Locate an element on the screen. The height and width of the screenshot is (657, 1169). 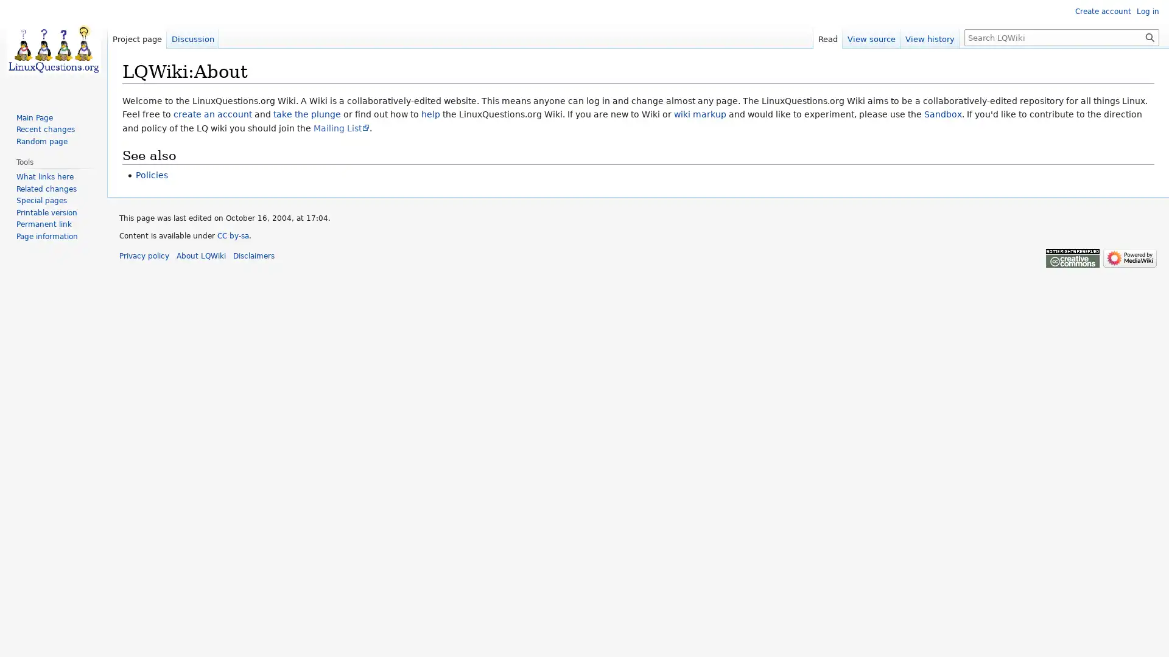
Search is located at coordinates (1150, 36).